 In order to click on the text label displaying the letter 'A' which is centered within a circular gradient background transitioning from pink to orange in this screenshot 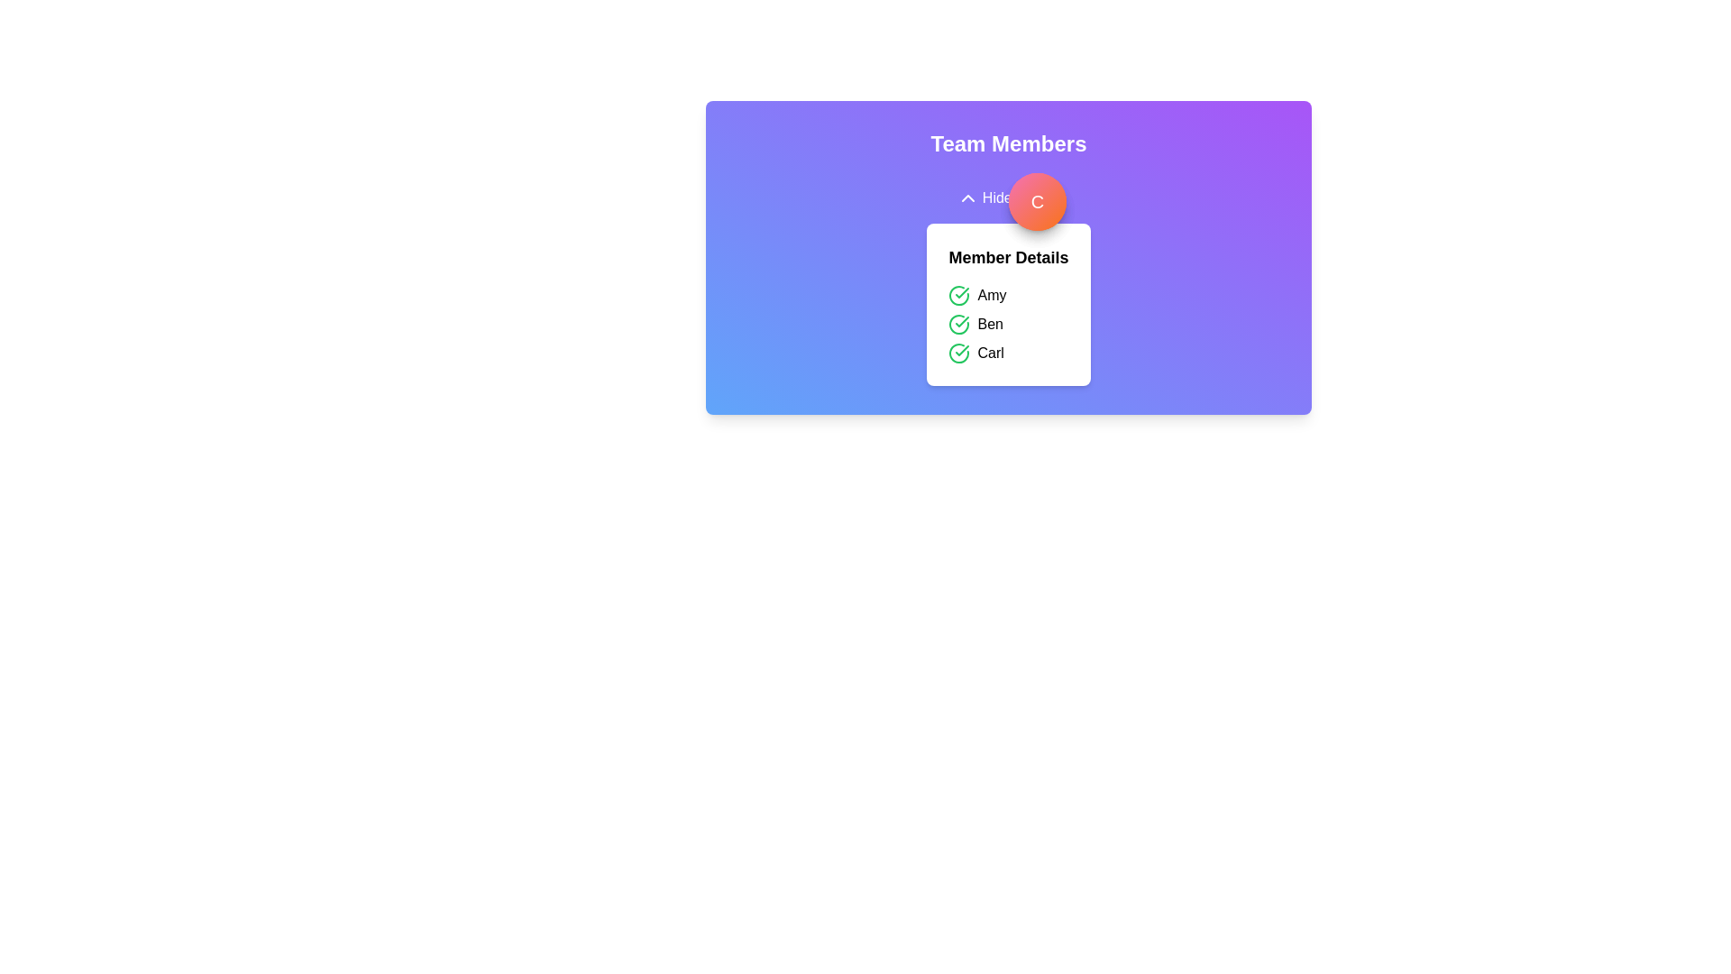, I will do `click(1038, 201)`.